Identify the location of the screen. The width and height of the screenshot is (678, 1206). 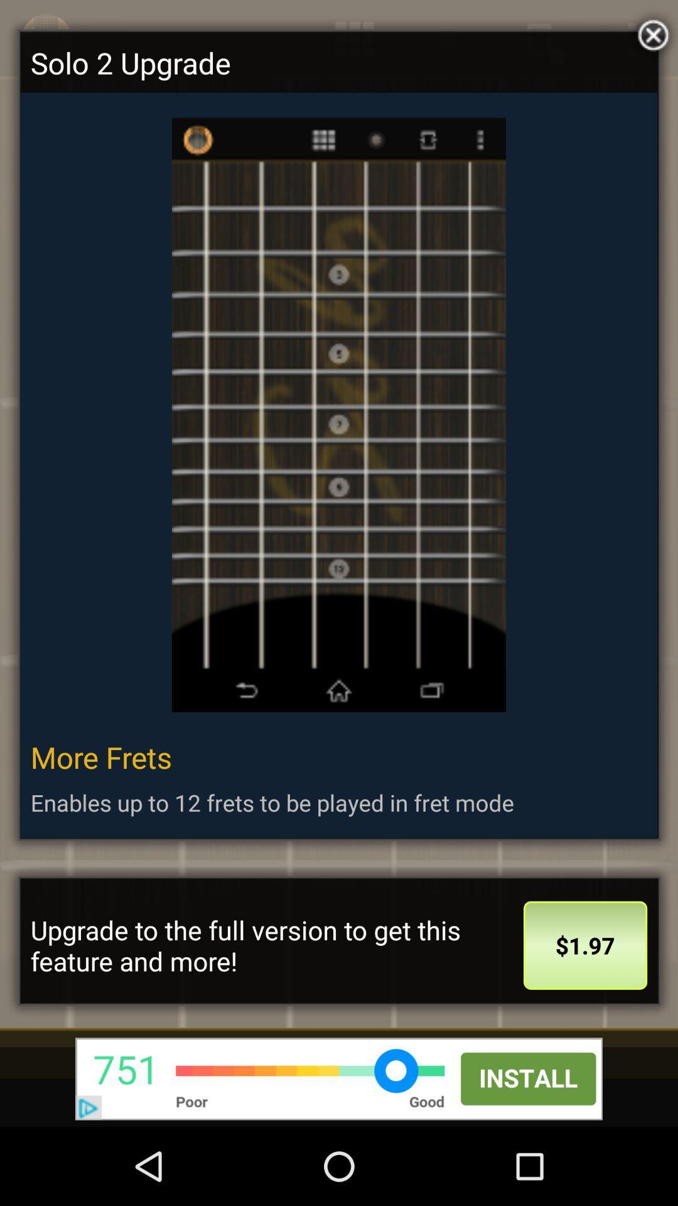
(650, 32).